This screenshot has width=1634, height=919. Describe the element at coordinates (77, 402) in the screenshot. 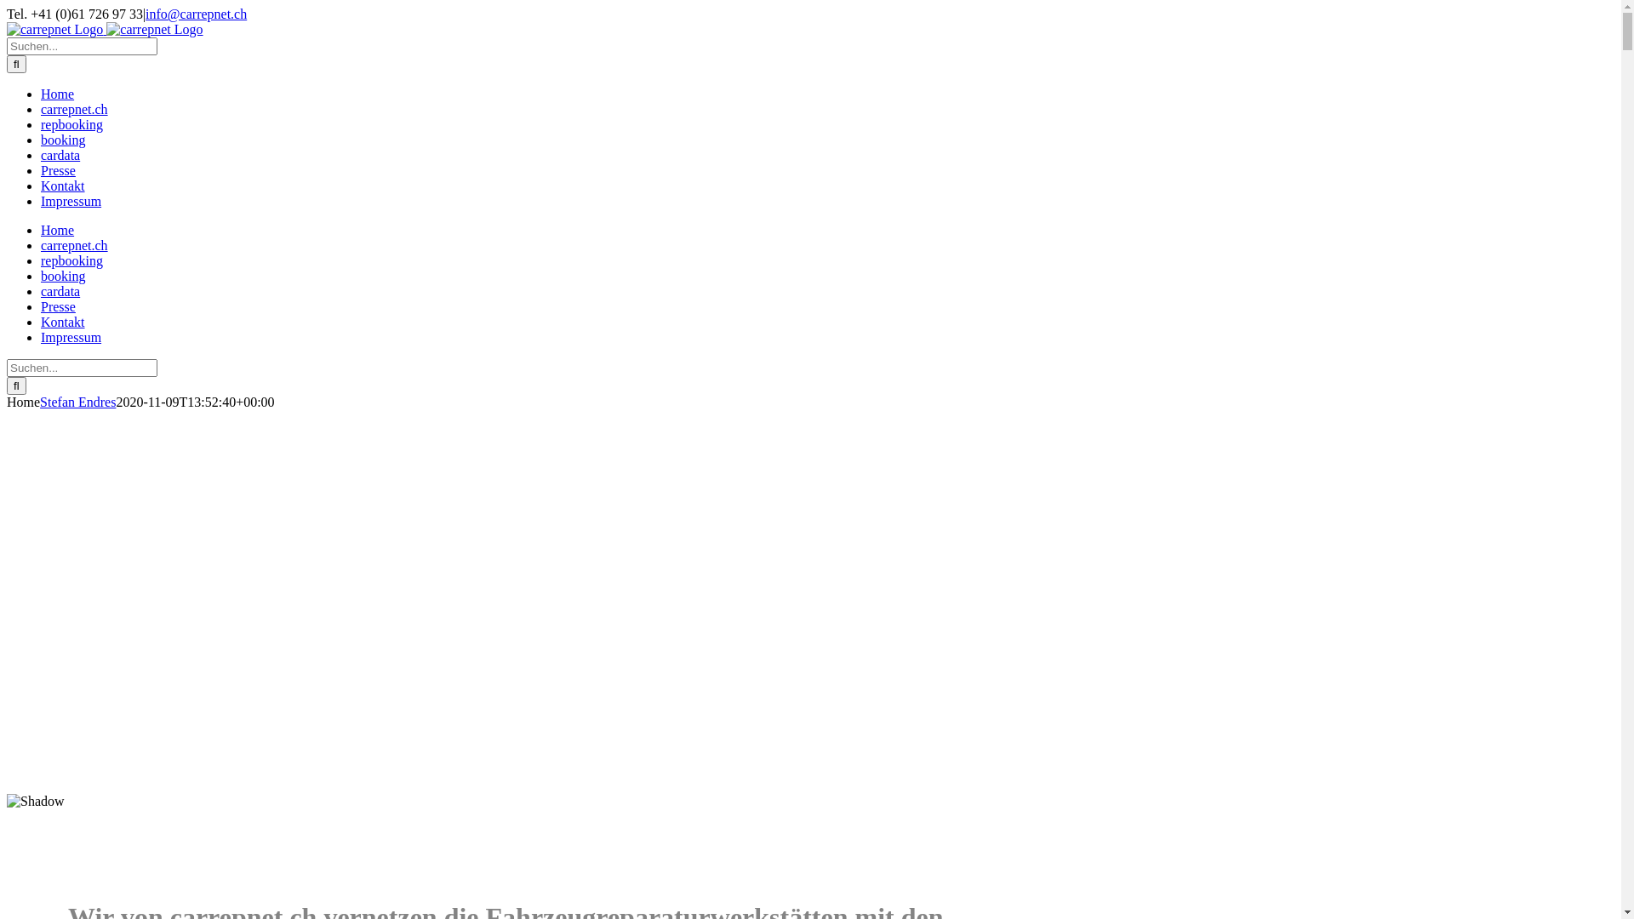

I see `'Stefan Endres'` at that location.